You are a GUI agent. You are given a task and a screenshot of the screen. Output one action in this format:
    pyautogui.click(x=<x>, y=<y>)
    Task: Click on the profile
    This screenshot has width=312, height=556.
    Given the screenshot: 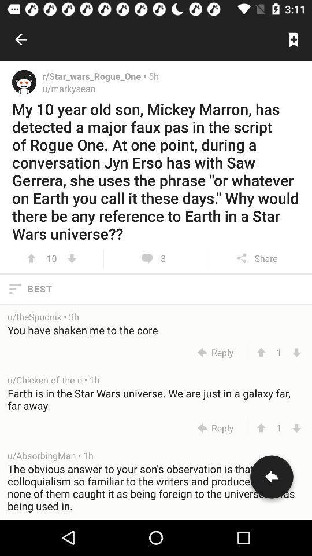 What is the action you would take?
    pyautogui.click(x=24, y=81)
    